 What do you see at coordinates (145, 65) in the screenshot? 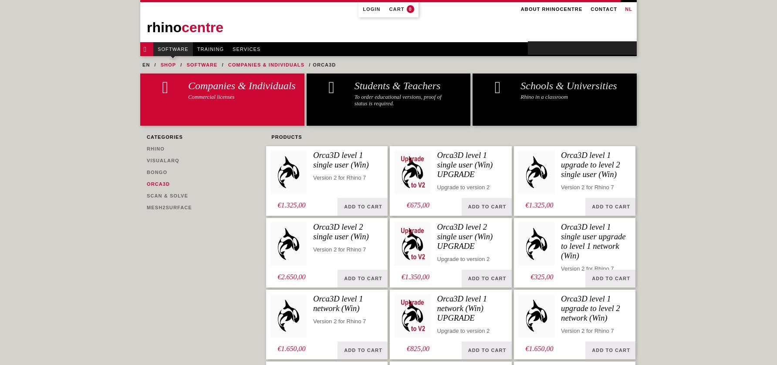
I see `'en'` at bounding box center [145, 65].